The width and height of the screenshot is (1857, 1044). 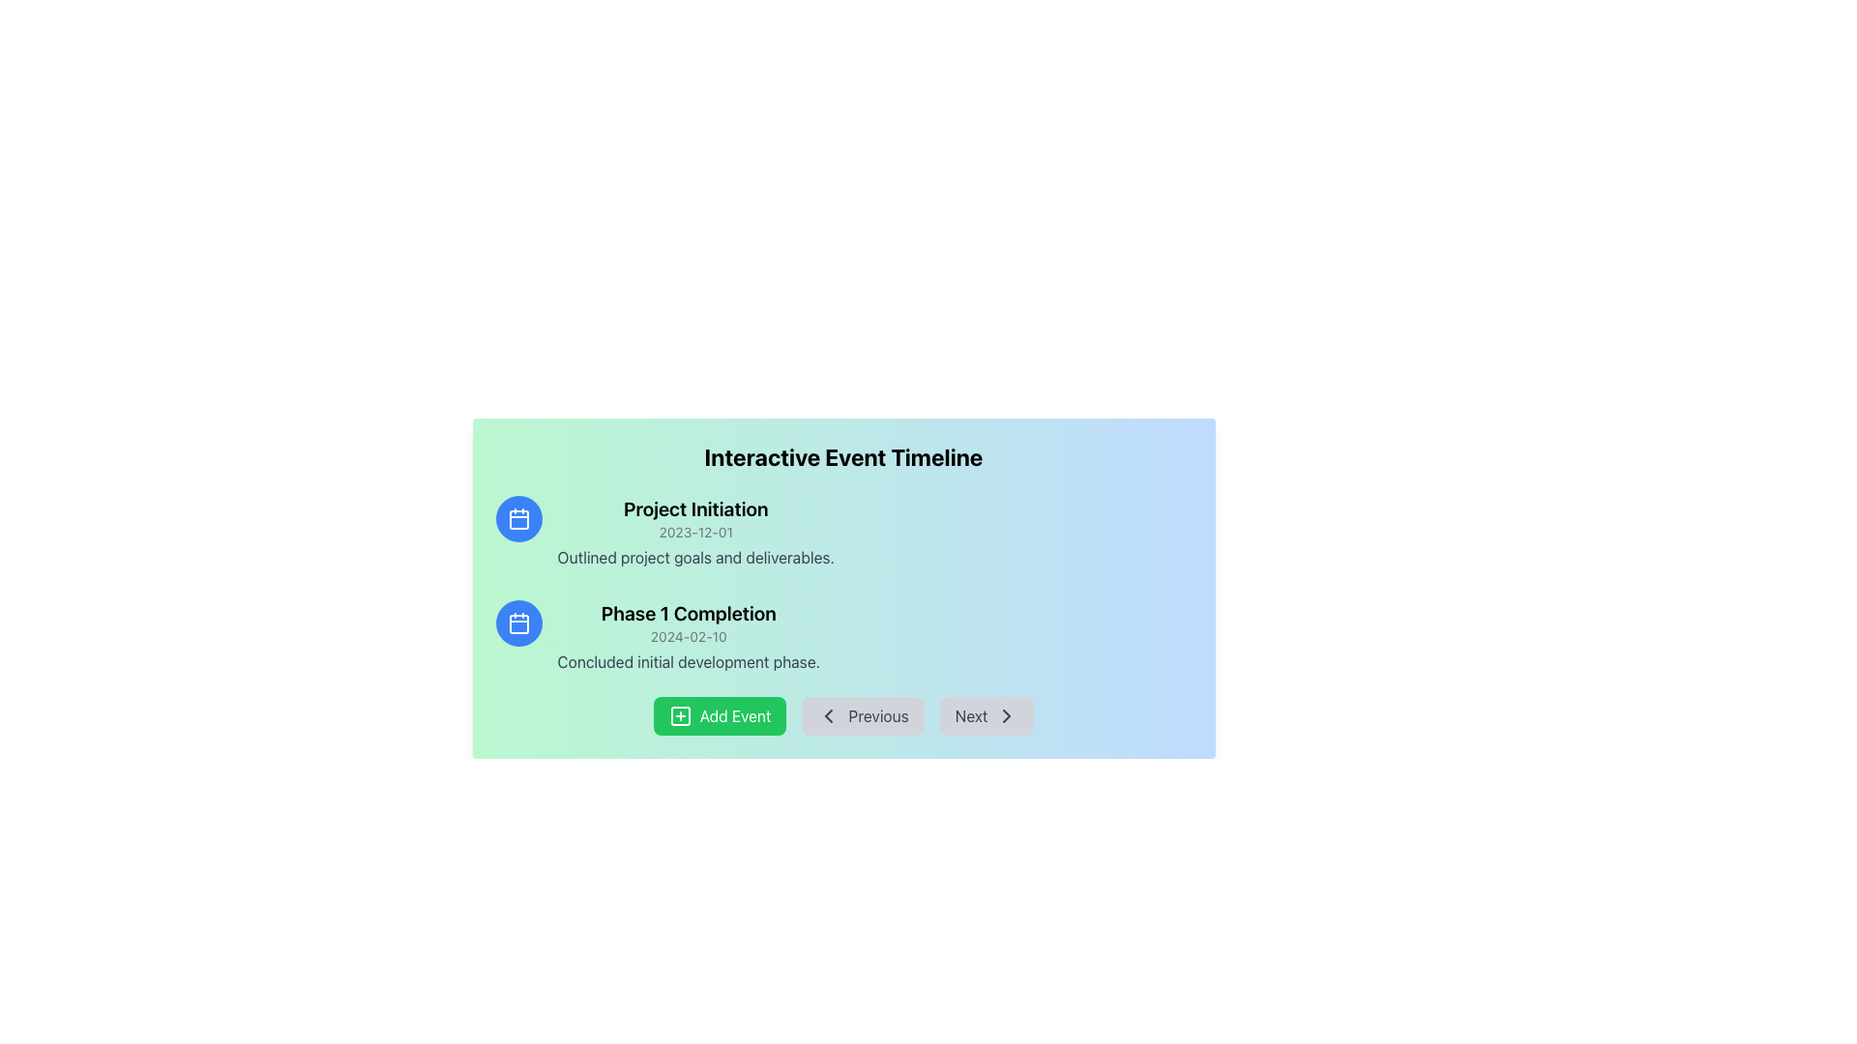 What do you see at coordinates (862, 715) in the screenshot?
I see `the 'Previous' button located between the 'Add Event' and 'Next' buttons` at bounding box center [862, 715].